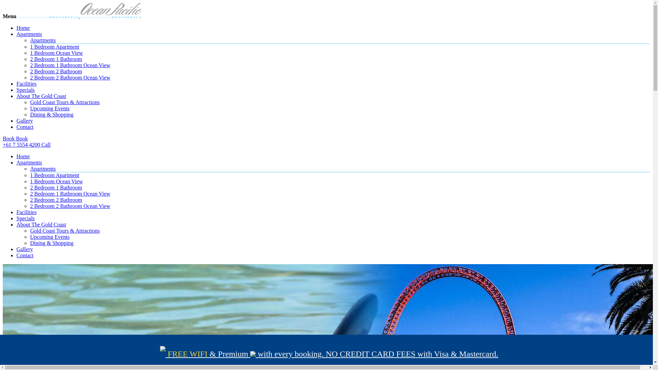  What do you see at coordinates (56, 181) in the screenshot?
I see `'1 Bedroom Ocean View'` at bounding box center [56, 181].